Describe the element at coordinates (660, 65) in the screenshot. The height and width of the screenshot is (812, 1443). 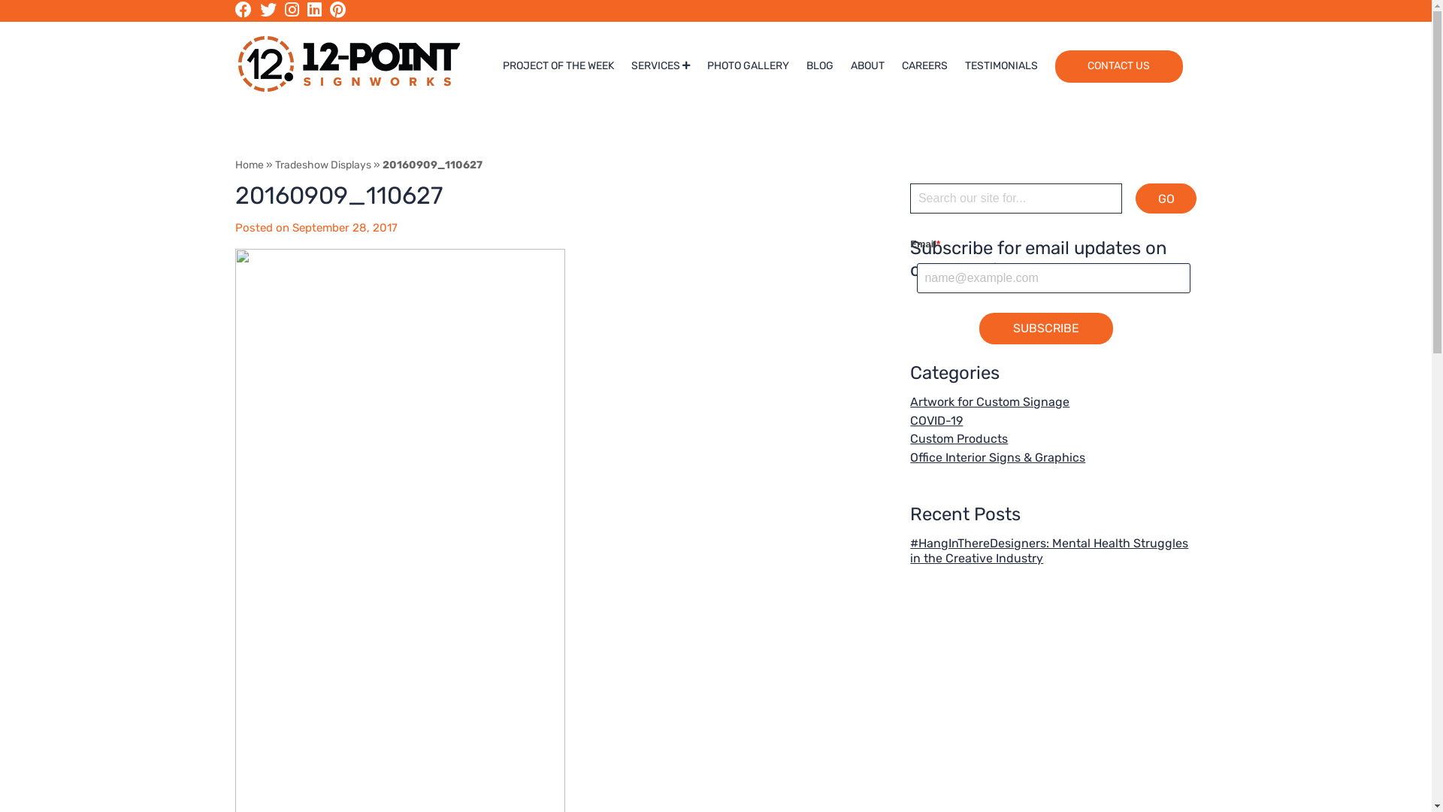
I see `'SERVICES'` at that location.